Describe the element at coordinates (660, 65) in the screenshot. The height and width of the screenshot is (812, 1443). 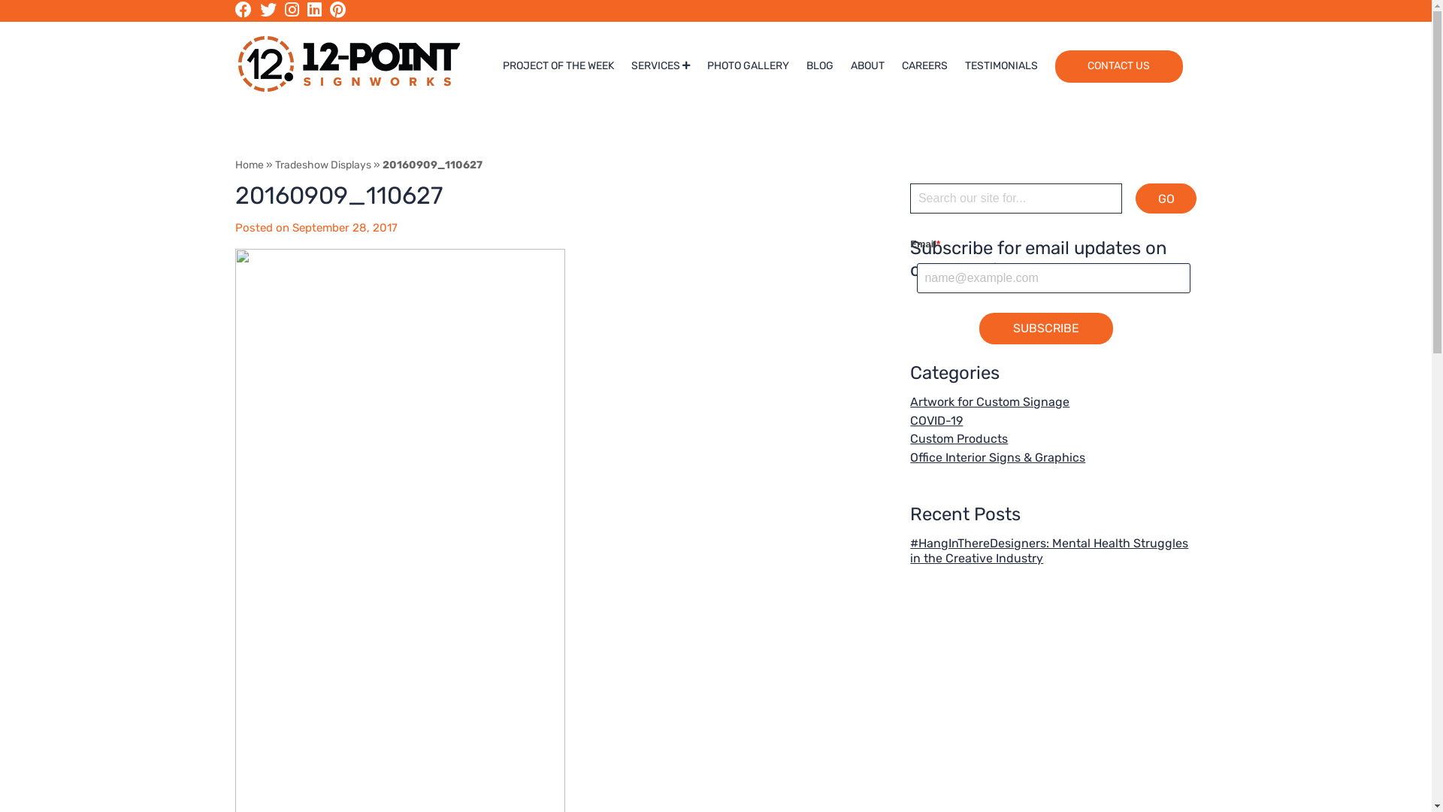
I see `'SERVICES'` at that location.